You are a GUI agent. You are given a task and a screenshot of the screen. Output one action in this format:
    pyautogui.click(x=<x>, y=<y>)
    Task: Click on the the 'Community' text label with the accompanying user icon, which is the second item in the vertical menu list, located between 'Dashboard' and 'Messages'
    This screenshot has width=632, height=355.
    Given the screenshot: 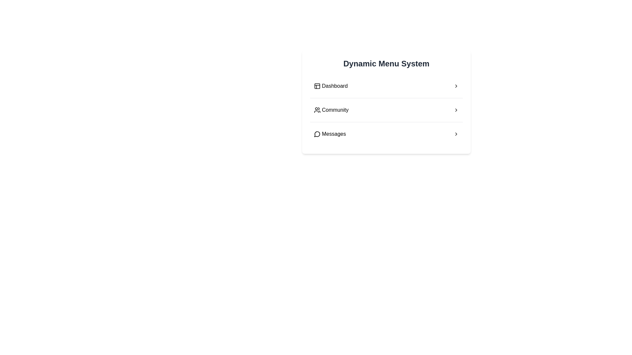 What is the action you would take?
    pyautogui.click(x=331, y=110)
    